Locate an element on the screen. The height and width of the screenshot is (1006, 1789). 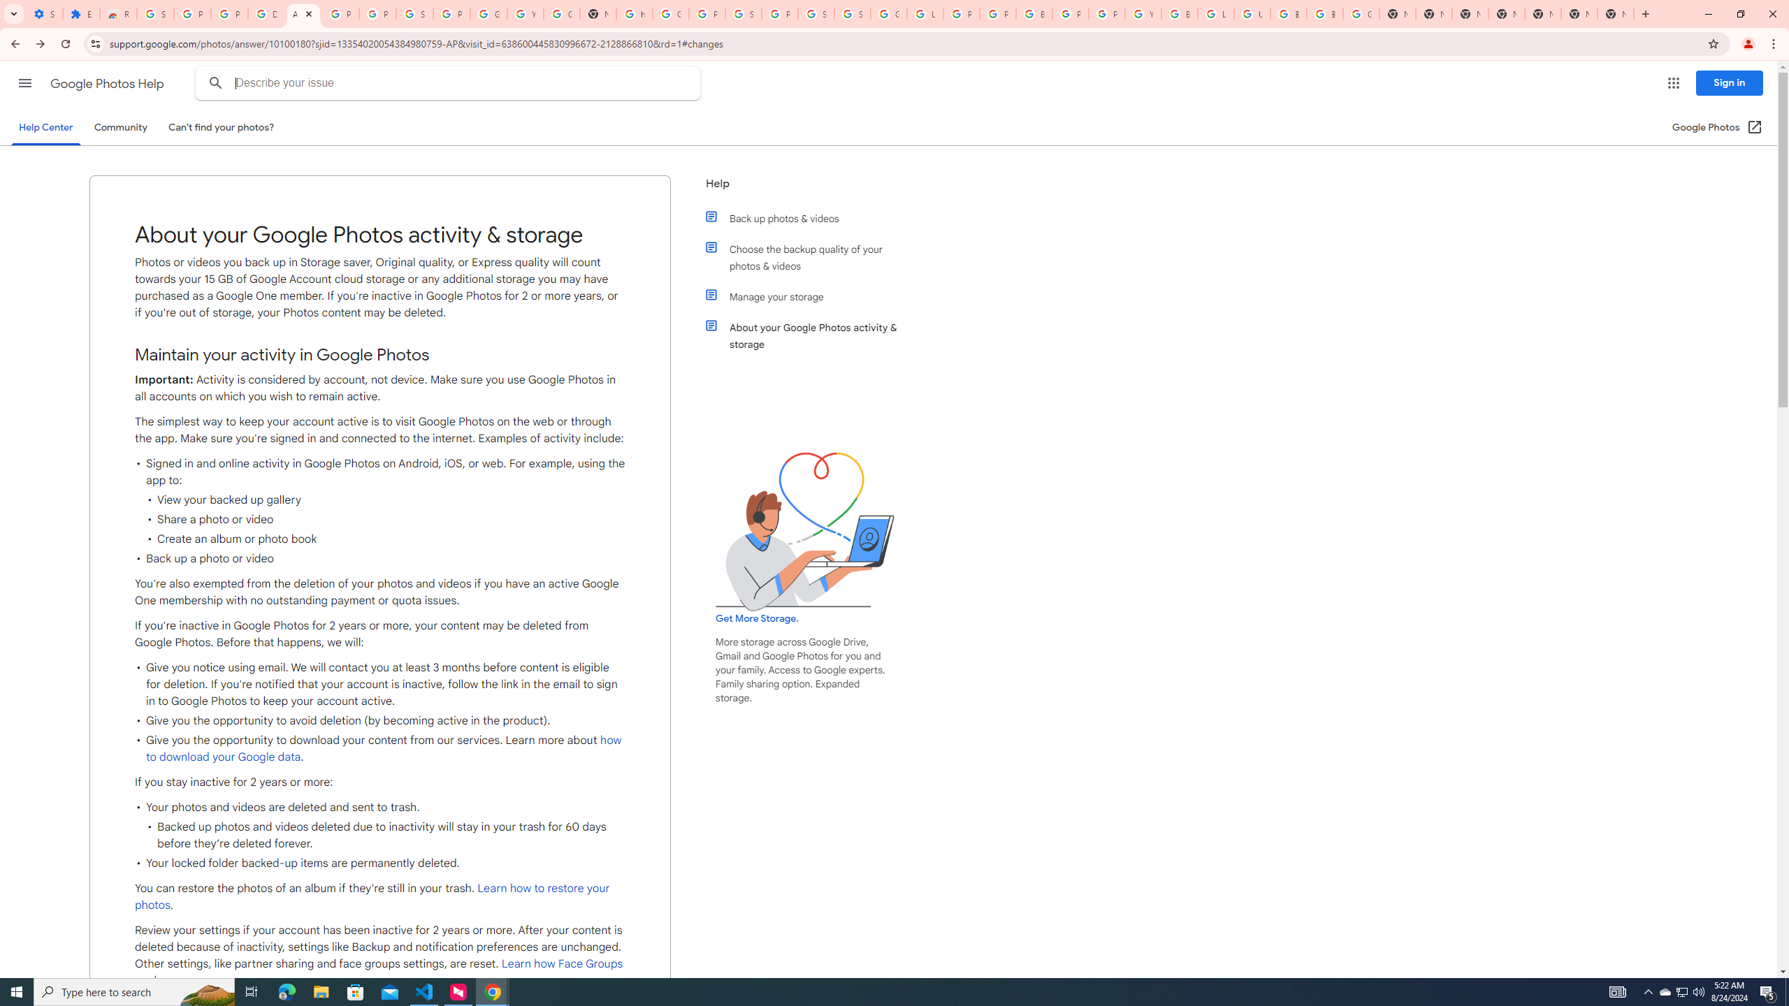
'About your Google Photos activity & storage' is located at coordinates (812, 335).